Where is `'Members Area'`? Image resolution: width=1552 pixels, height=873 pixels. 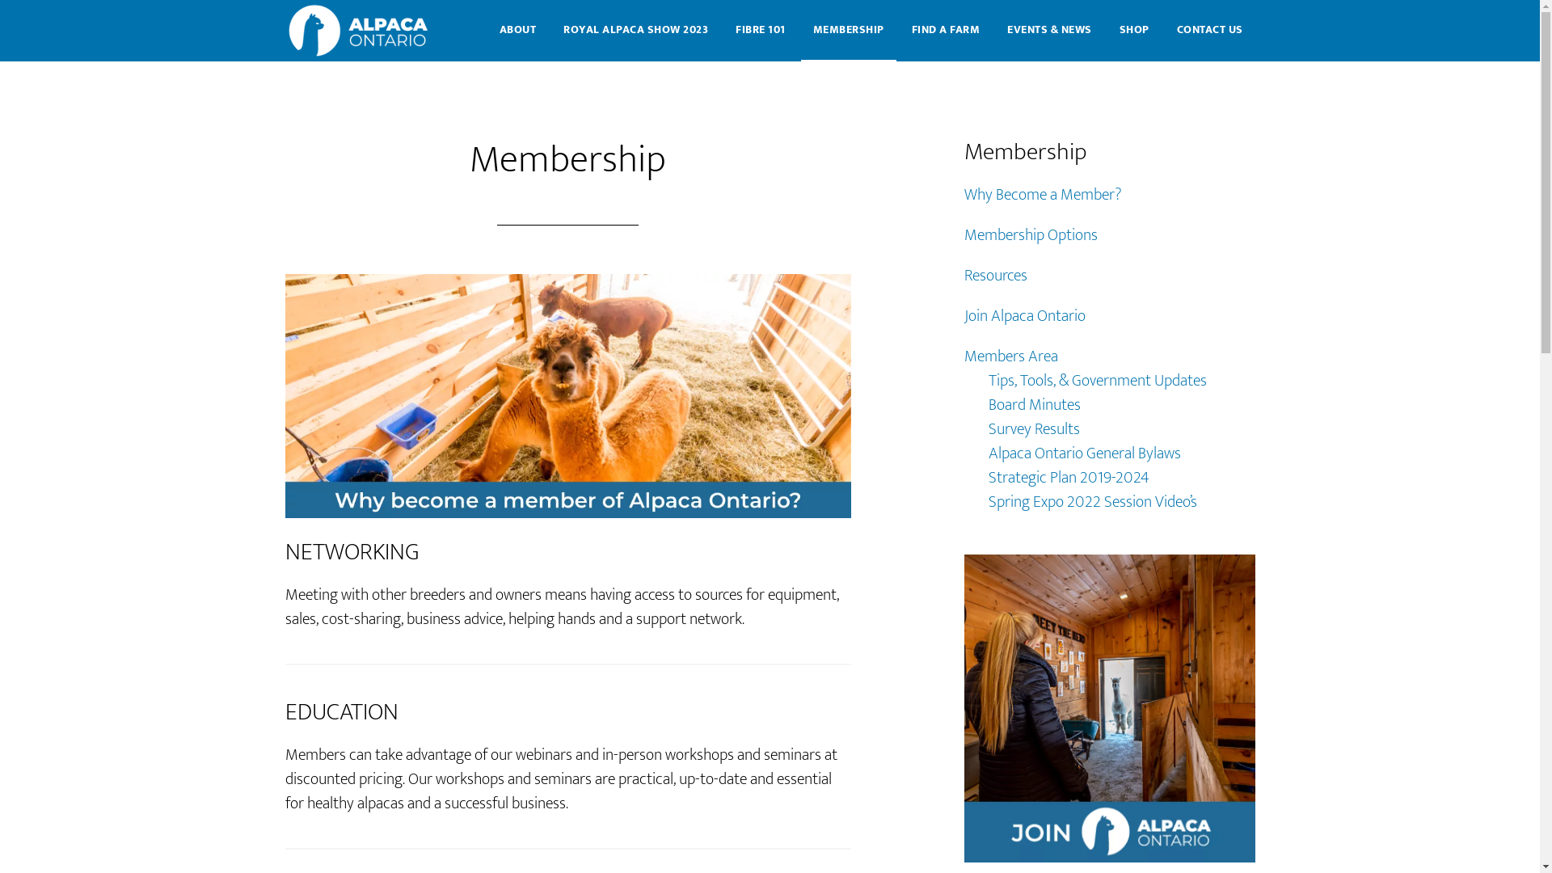
'Members Area' is located at coordinates (1009, 355).